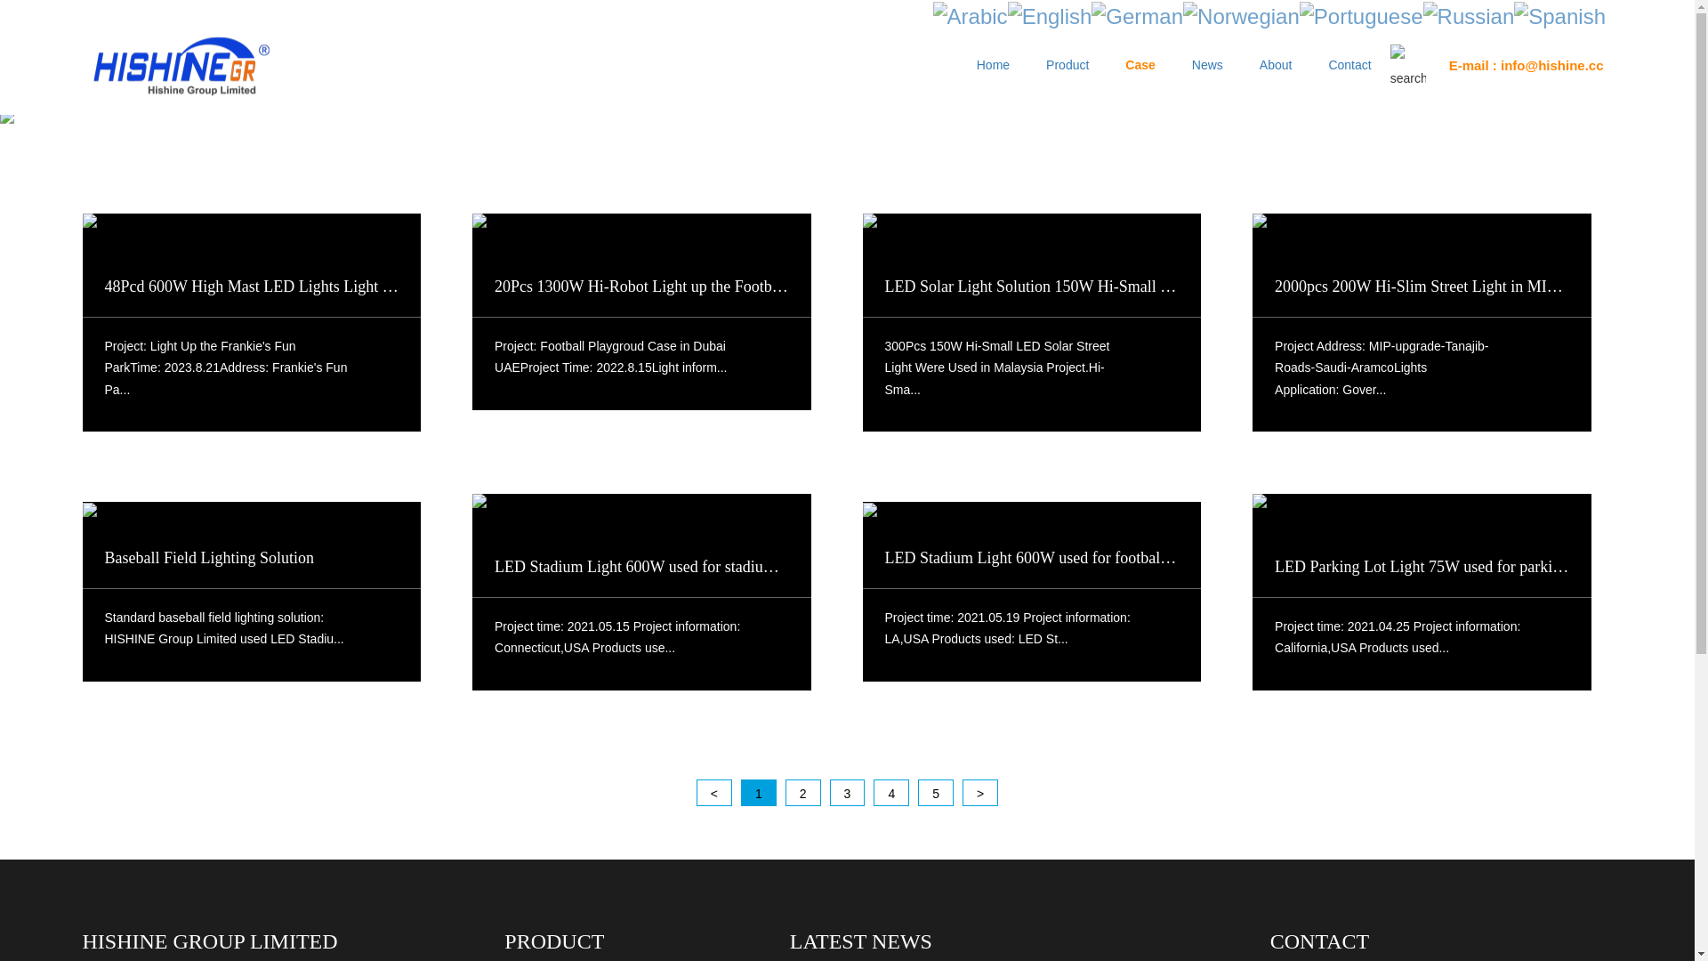  What do you see at coordinates (1180, 61) in the screenshot?
I see `'News'` at bounding box center [1180, 61].